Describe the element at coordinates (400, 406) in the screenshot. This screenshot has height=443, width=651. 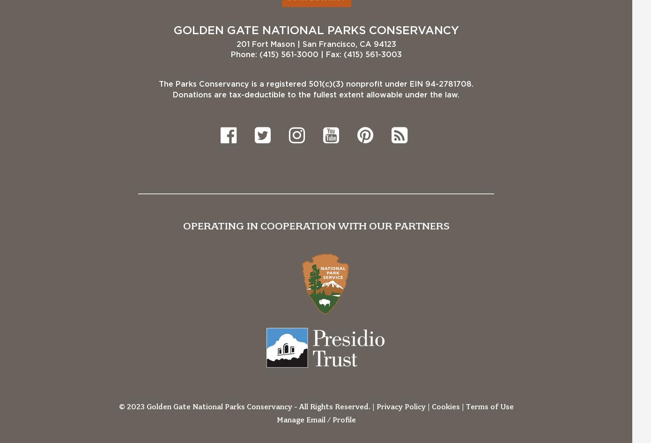
I see `'Privacy Policy'` at that location.